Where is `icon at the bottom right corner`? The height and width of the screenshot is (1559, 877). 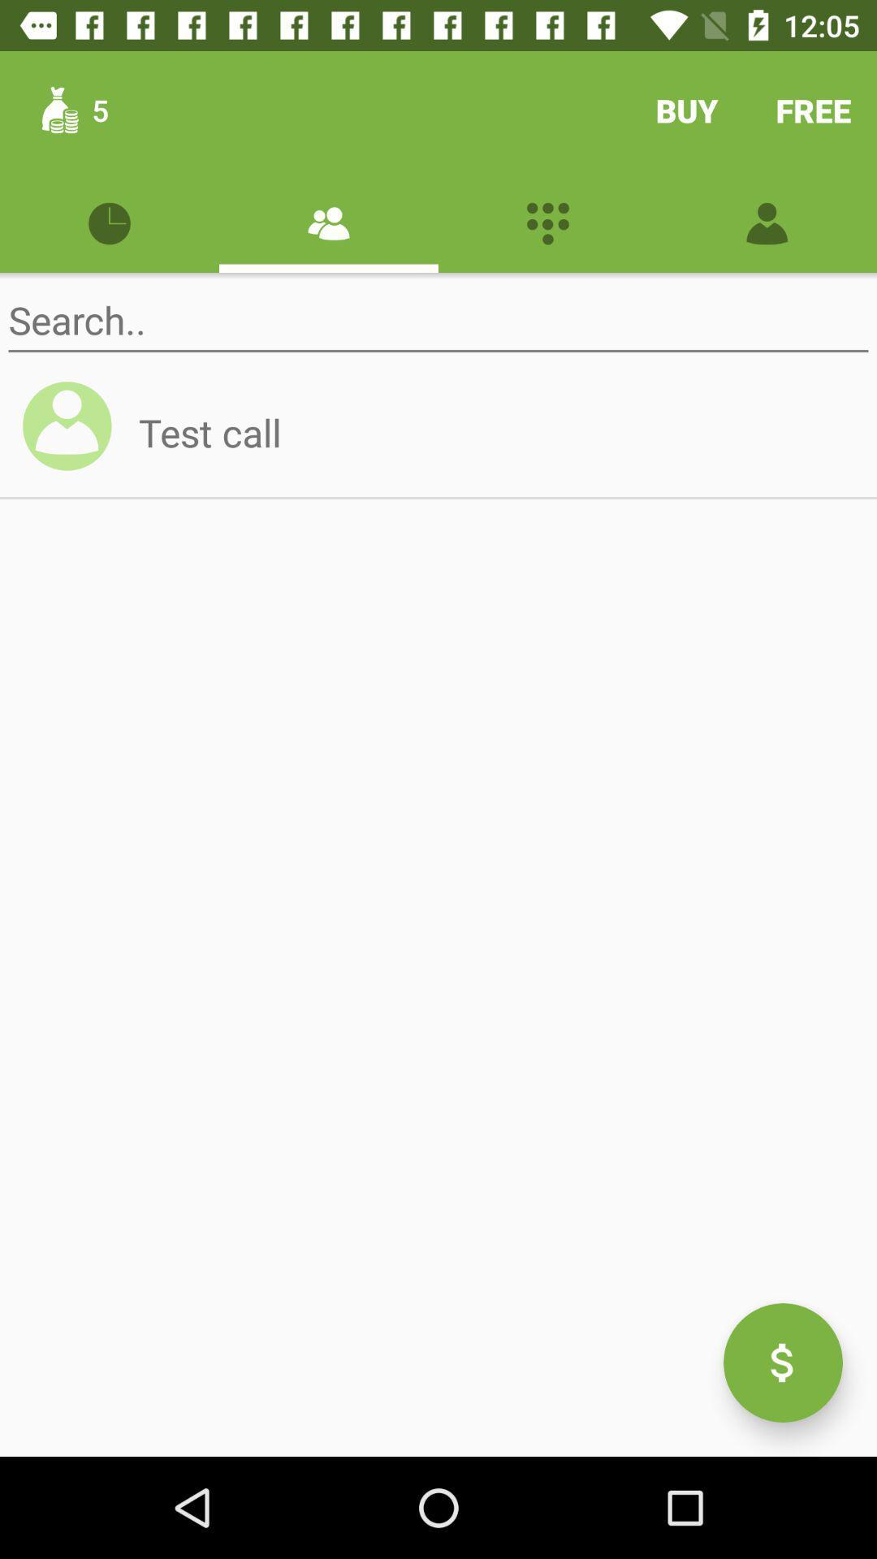 icon at the bottom right corner is located at coordinates (782, 1363).